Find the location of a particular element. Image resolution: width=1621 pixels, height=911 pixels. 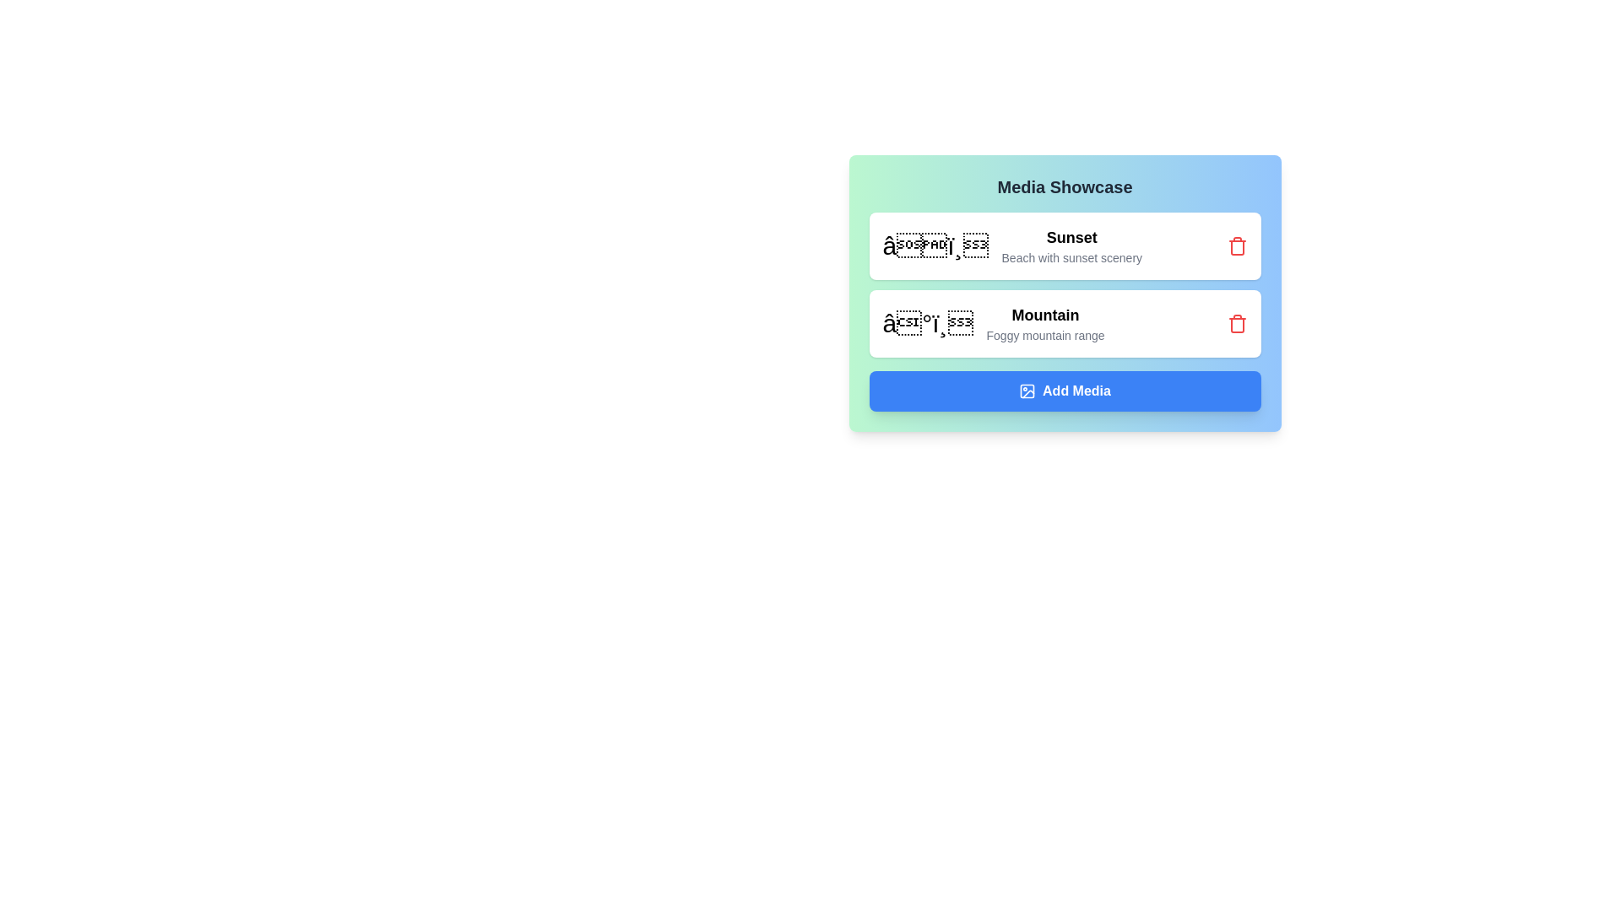

the media chip with the label Mountain is located at coordinates (1064, 324).